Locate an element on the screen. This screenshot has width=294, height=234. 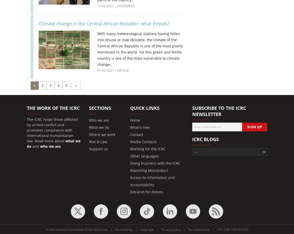
'Home' is located at coordinates (135, 120).